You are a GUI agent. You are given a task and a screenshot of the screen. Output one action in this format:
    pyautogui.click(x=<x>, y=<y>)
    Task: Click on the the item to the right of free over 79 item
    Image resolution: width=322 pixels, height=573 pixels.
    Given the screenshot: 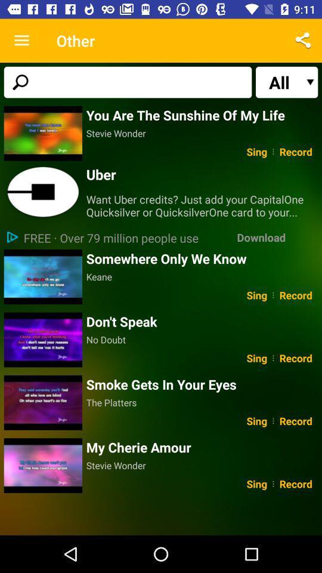 What is the action you would take?
    pyautogui.click(x=261, y=236)
    